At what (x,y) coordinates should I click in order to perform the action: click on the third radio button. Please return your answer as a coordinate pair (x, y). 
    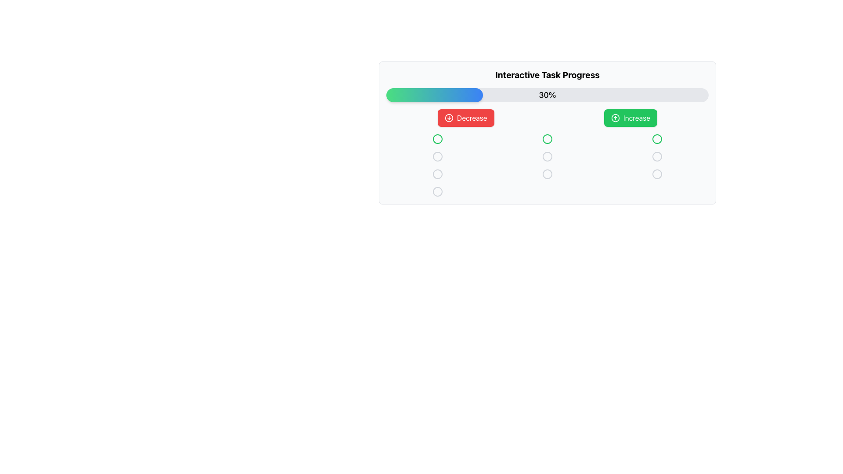
    Looking at the image, I should click on (657, 156).